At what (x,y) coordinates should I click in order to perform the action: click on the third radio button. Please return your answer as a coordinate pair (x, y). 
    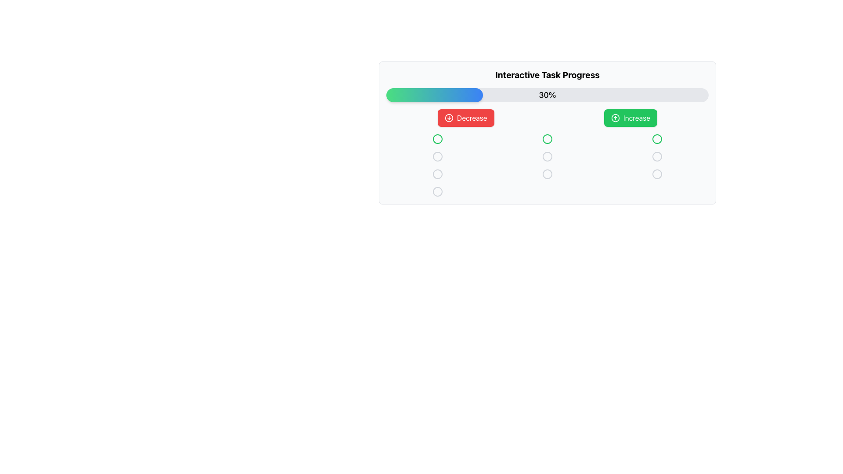
    Looking at the image, I should click on (657, 156).